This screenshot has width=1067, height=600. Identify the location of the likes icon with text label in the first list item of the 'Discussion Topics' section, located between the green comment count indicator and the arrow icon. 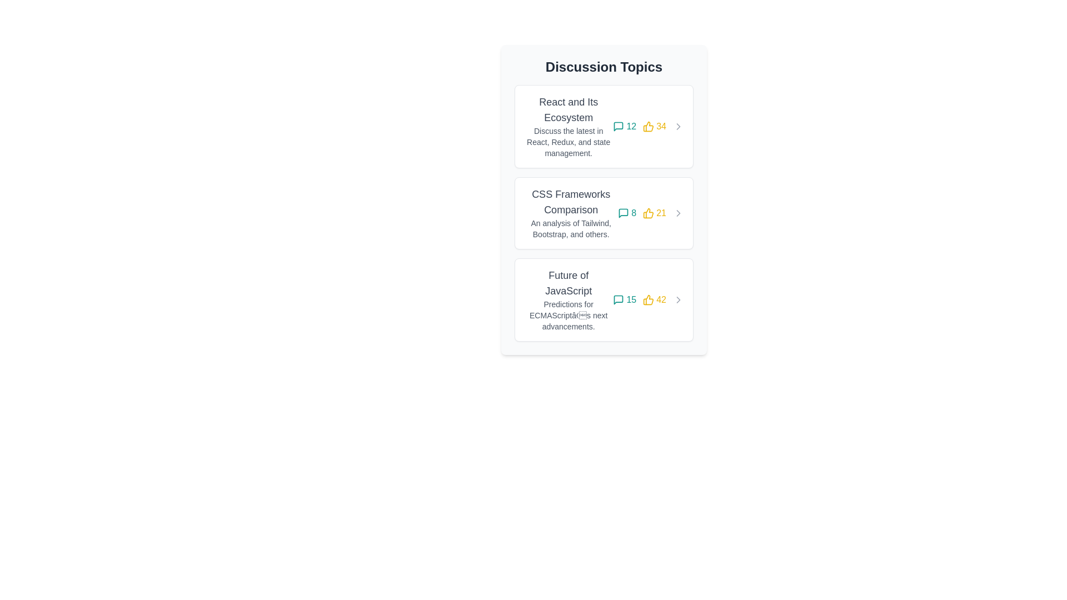
(655, 126).